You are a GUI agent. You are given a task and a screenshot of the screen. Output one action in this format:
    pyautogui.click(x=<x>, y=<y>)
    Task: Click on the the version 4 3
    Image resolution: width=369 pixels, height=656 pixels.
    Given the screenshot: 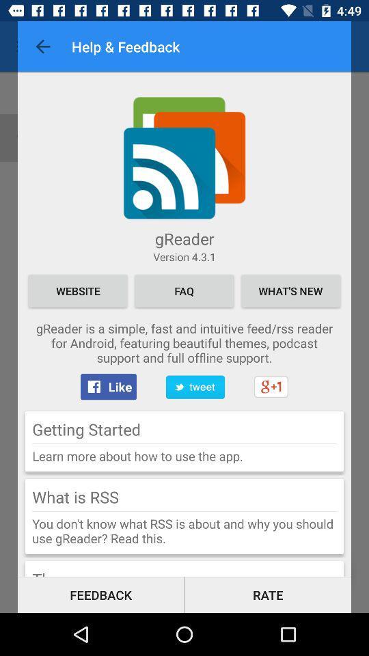 What is the action you would take?
    pyautogui.click(x=184, y=256)
    